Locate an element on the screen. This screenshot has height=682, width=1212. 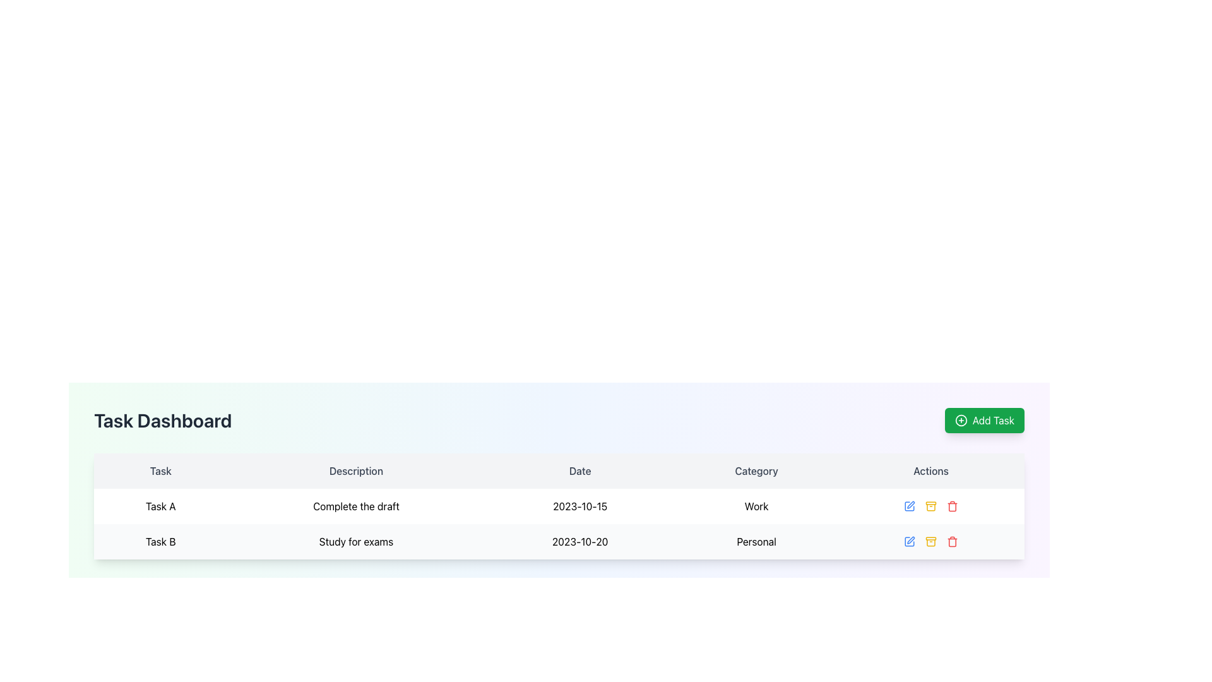
the delete icon, which is the third action icon in the 'Actions' column of the second task entry in the task table is located at coordinates (953, 506).